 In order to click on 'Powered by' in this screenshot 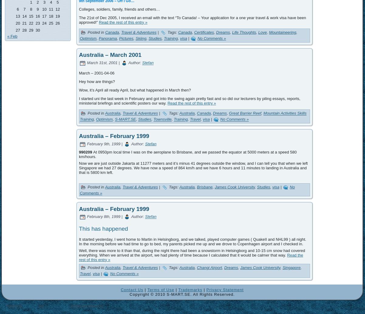, I will do `click(14, 306)`.